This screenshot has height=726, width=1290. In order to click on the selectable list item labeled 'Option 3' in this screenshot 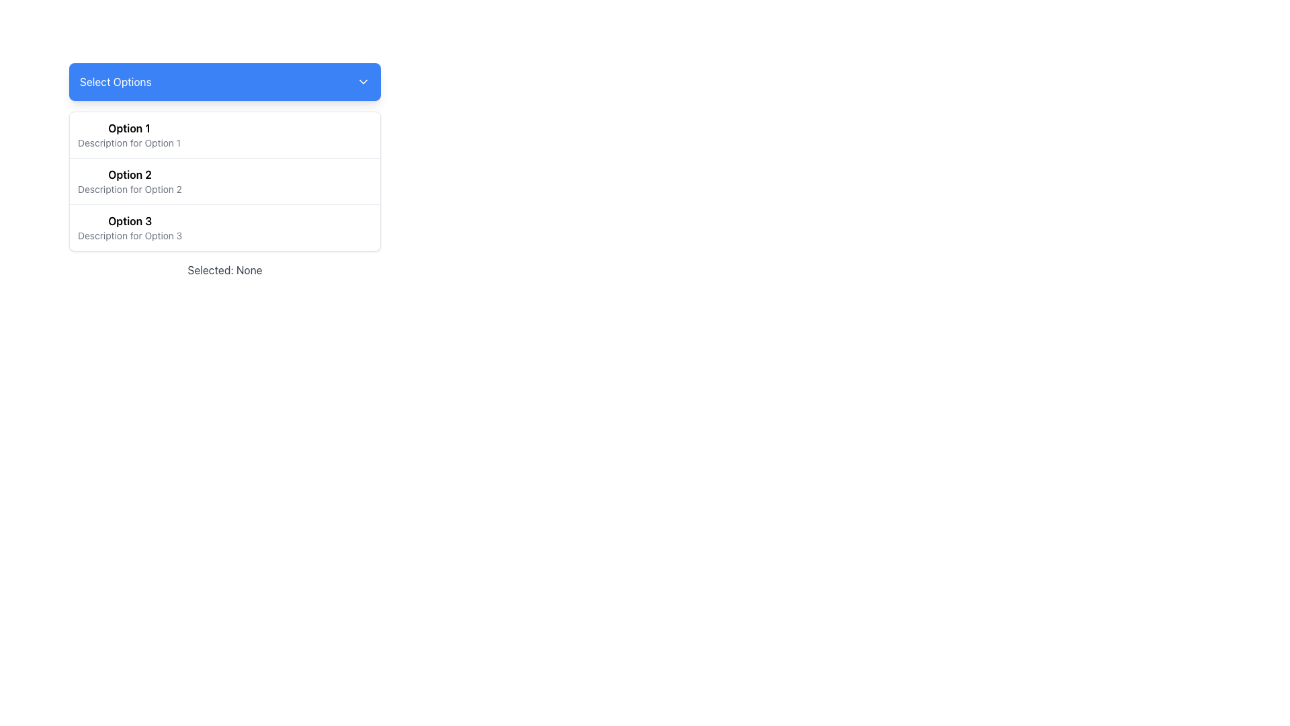, I will do `click(130, 227)`.